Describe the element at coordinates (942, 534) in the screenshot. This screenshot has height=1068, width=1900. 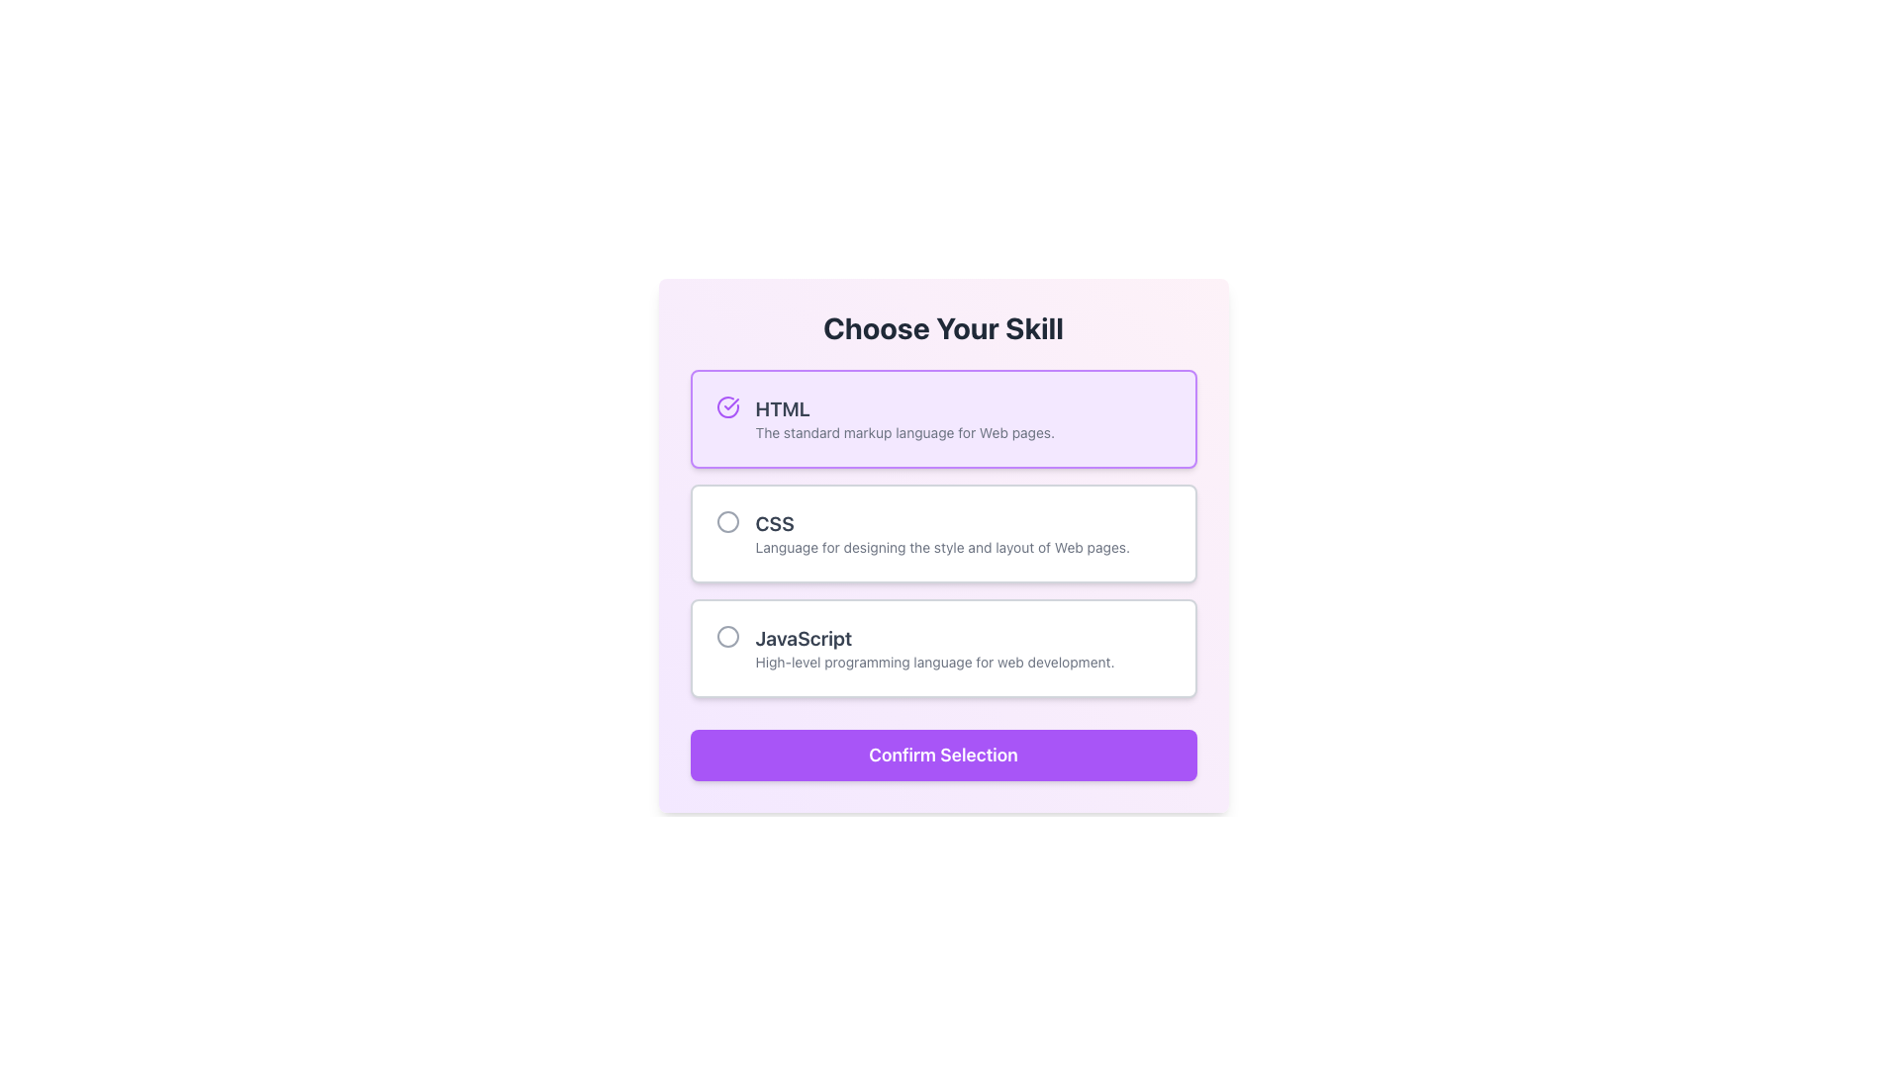
I see `the radio button for 'CSS' skill selection, the second card in the list under 'Choose Your Skill'` at that location.